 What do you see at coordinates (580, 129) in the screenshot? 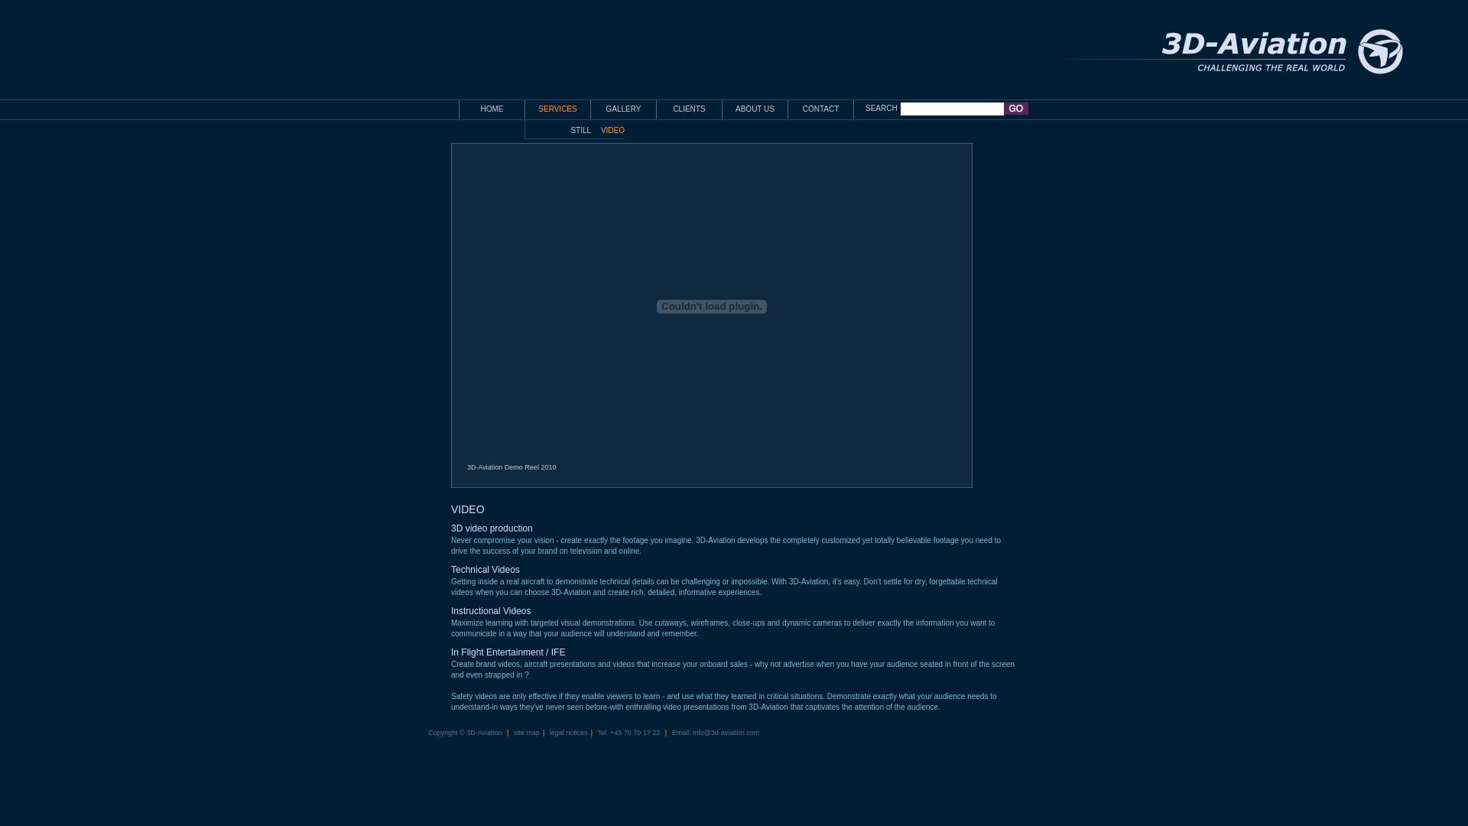
I see `'STILL'` at bounding box center [580, 129].